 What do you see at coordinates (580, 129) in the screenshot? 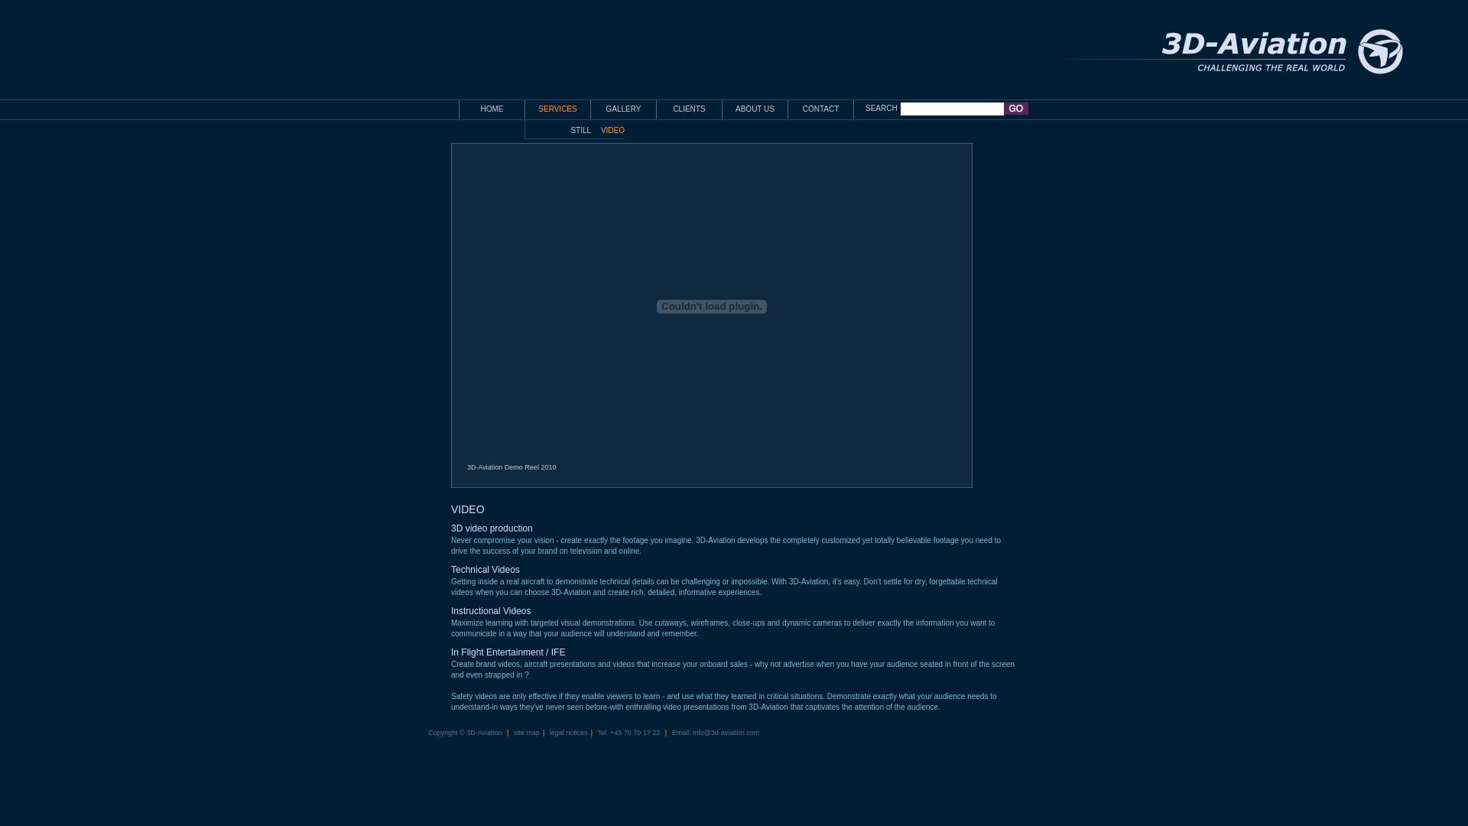
I see `'STILL'` at bounding box center [580, 129].